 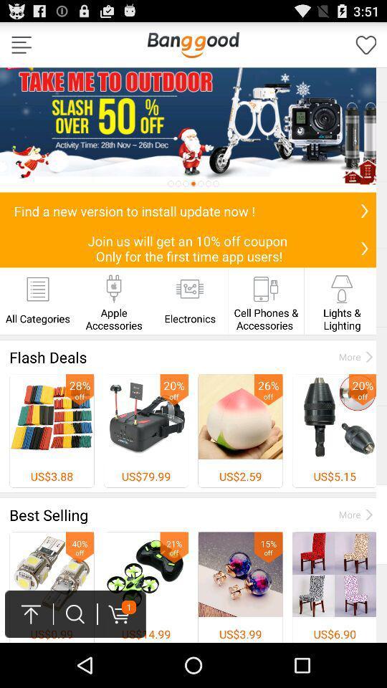 I want to click on the menu icon, so click(x=21, y=48).